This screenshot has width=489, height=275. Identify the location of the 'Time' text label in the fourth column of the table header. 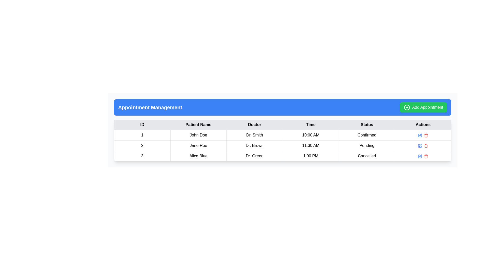
(310, 125).